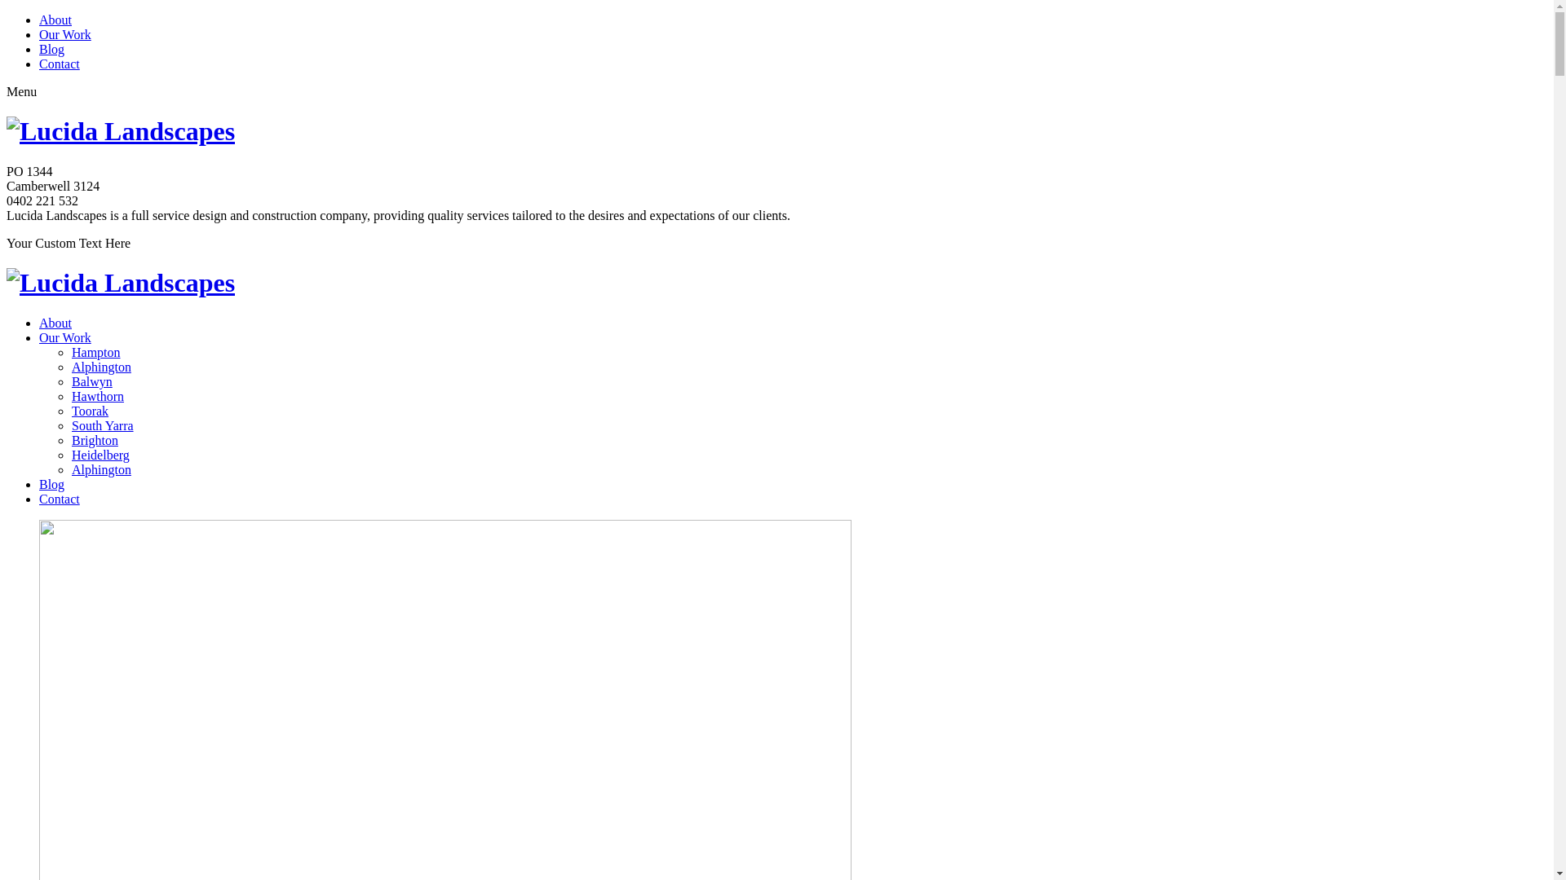 The width and height of the screenshot is (1566, 880). Describe the element at coordinates (100, 469) in the screenshot. I see `'Alphington'` at that location.